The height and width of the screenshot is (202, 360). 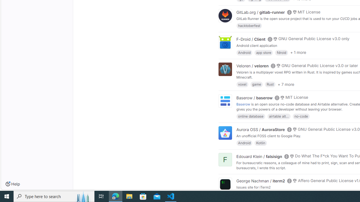 What do you see at coordinates (251, 39) in the screenshot?
I see `'F-Droid / Client'` at bounding box center [251, 39].